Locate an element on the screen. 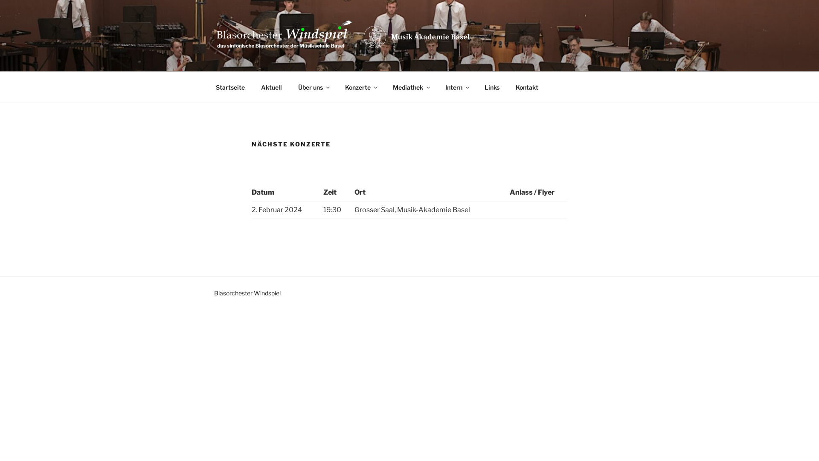  'Aktuell' is located at coordinates (271, 87).